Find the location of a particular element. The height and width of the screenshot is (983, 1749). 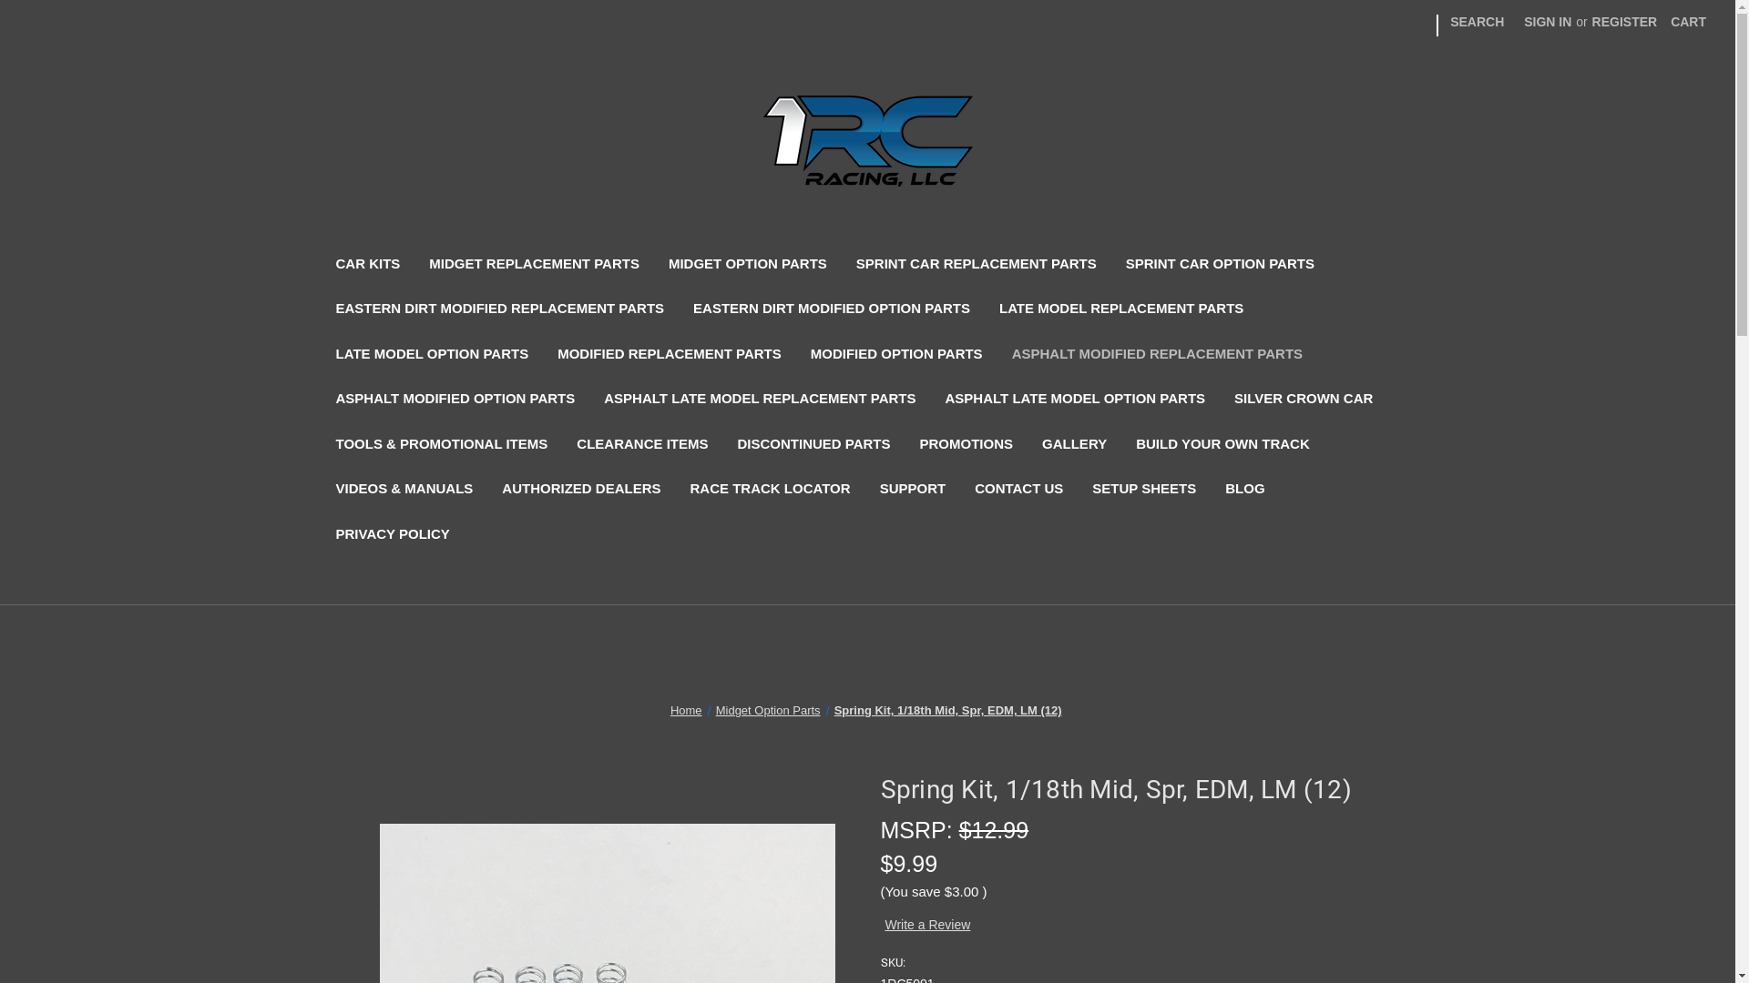

'SEARCH' is located at coordinates (1477, 22).